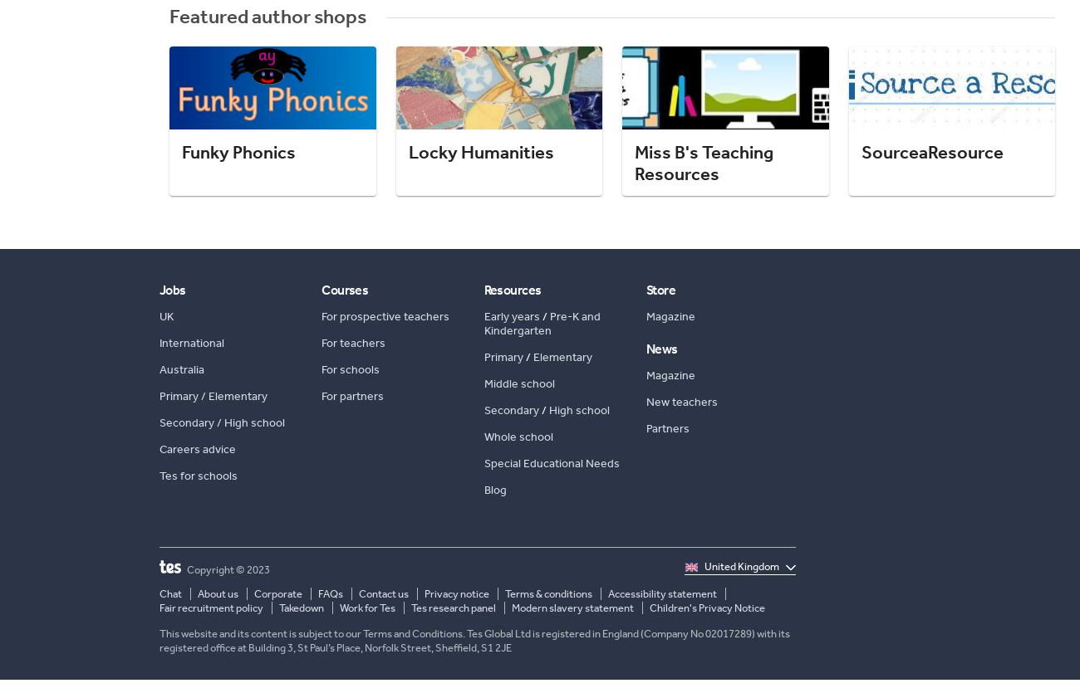 Image resolution: width=1080 pixels, height=693 pixels. Describe the element at coordinates (344, 289) in the screenshot. I see `'Courses'` at that location.